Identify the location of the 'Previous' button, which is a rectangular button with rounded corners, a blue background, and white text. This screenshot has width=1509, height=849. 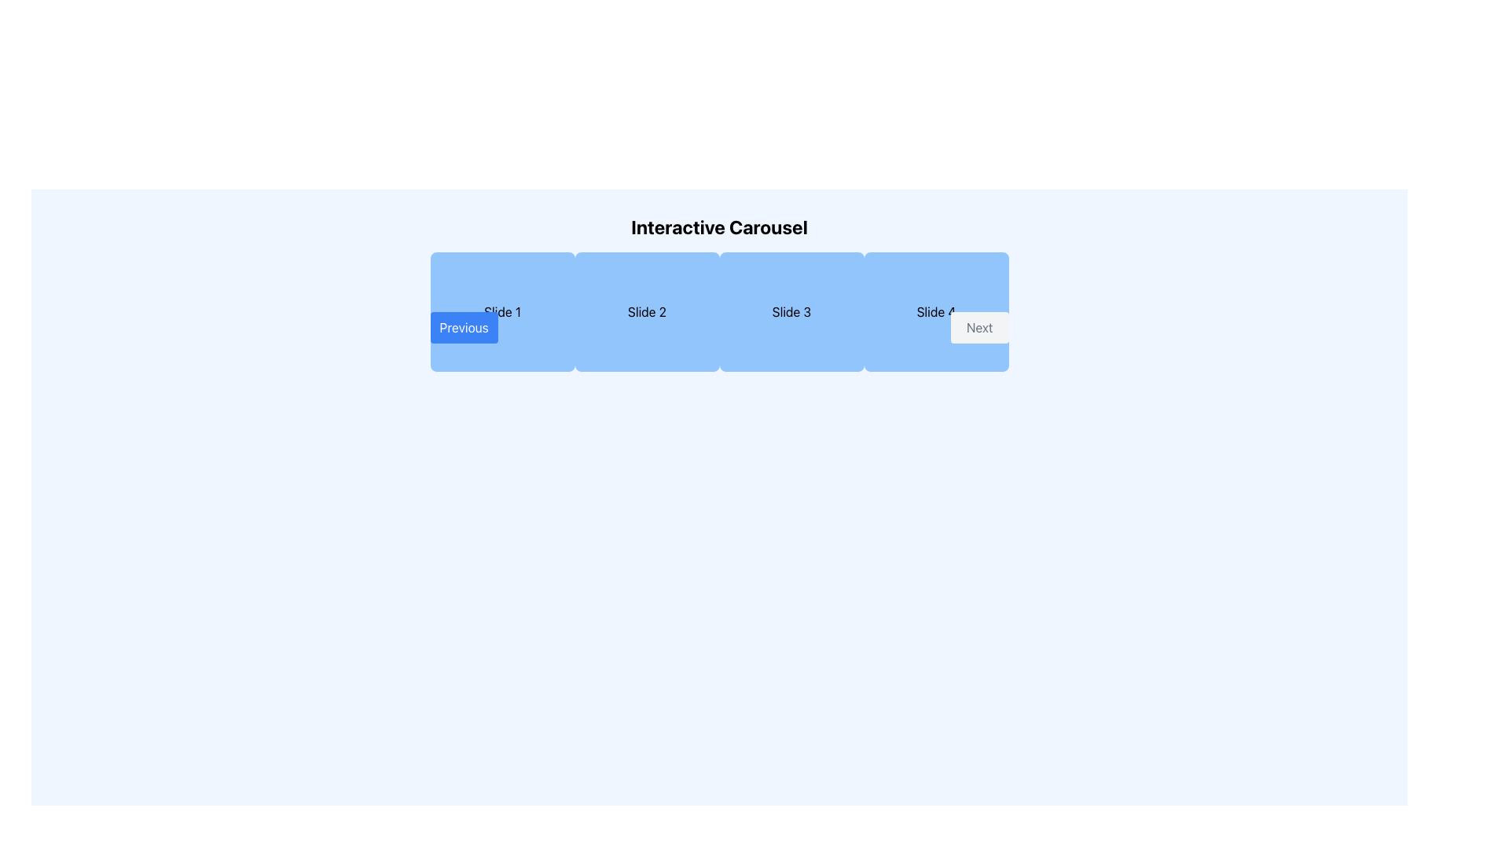
(463, 326).